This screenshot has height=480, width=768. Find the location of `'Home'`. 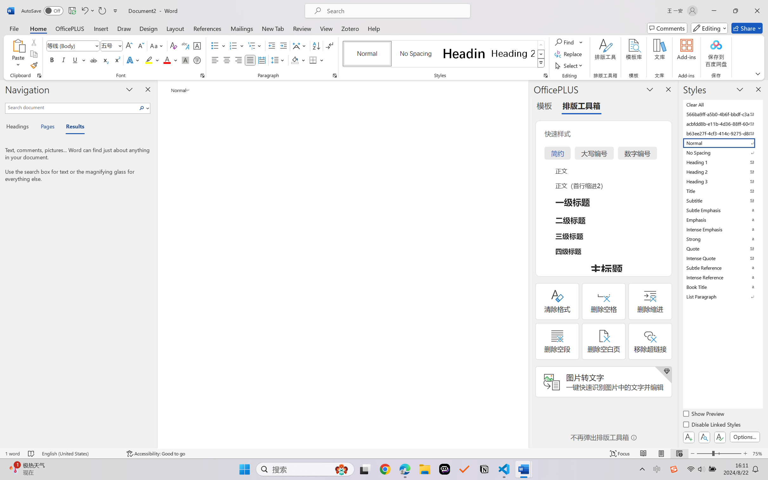

'Home' is located at coordinates (38, 28).